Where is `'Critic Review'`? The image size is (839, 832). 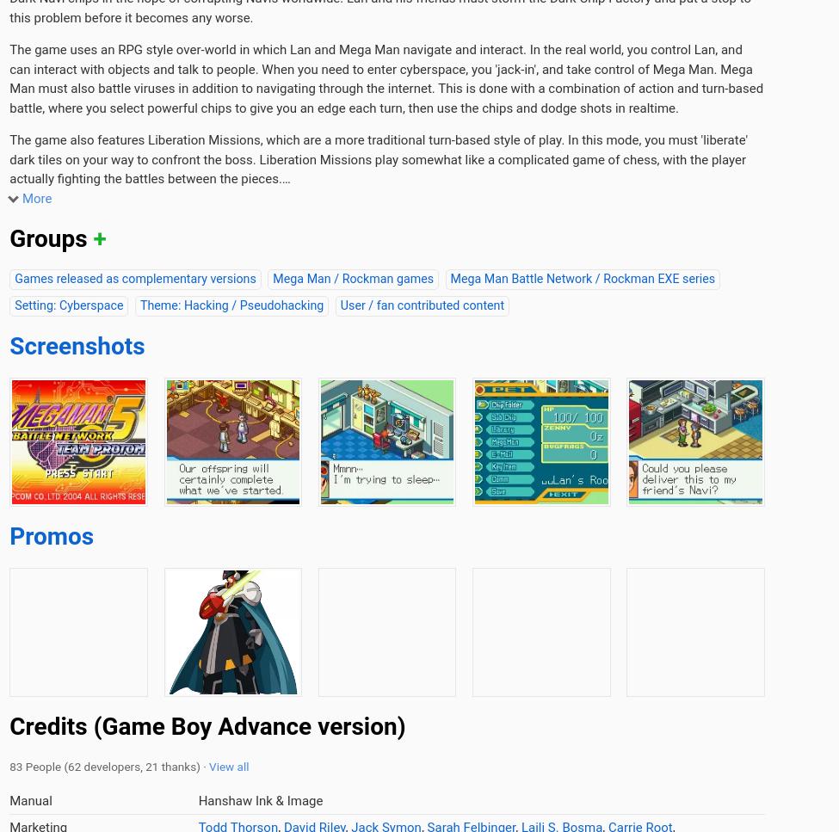
'Critic Review' is located at coordinates (197, 158).